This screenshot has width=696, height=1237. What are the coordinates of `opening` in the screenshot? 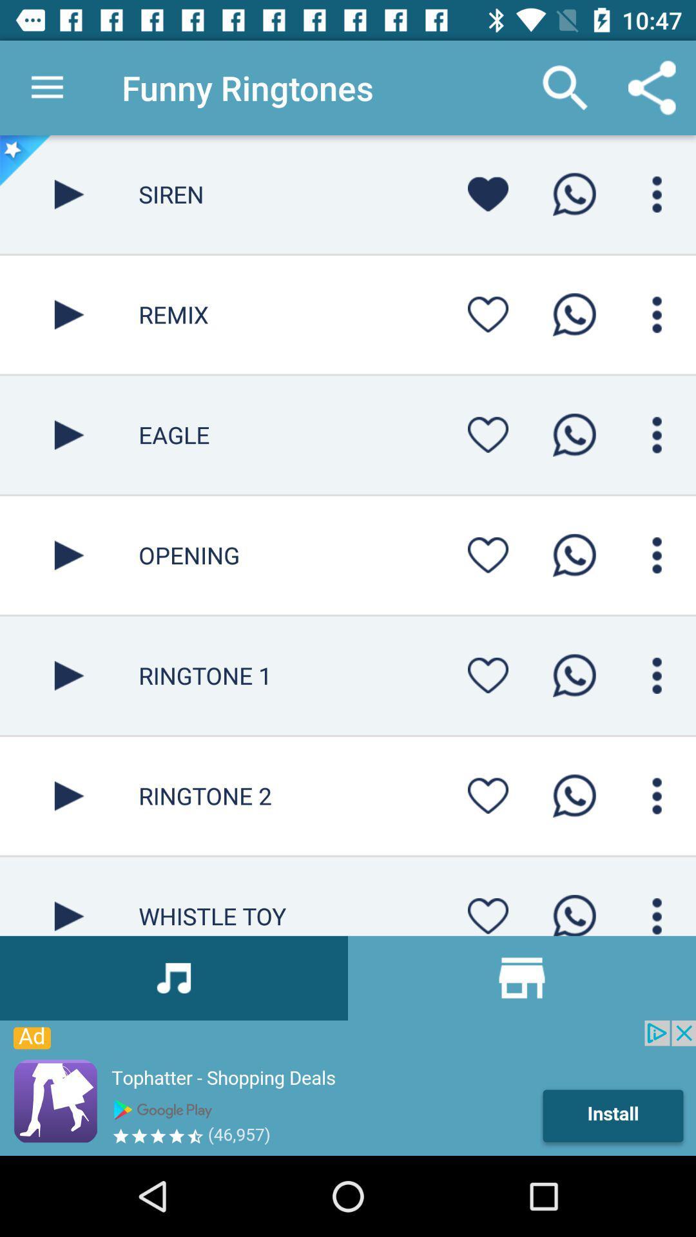 It's located at (574, 555).